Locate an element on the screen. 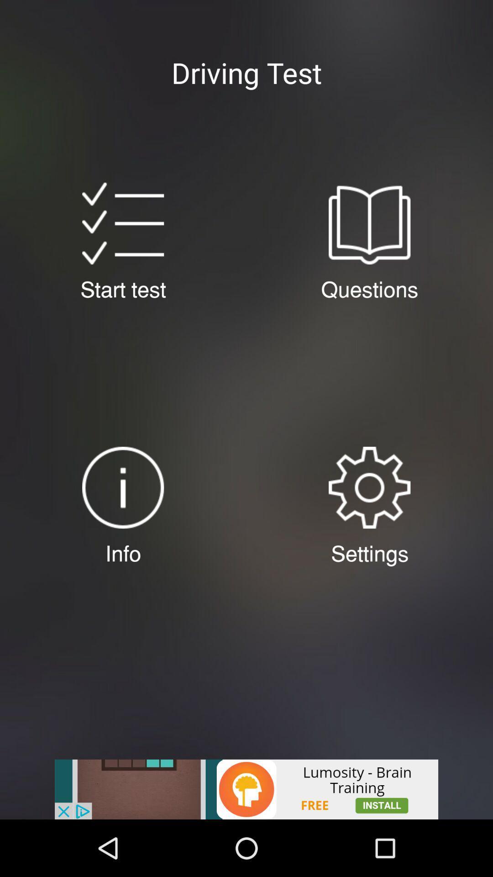  start test is located at coordinates (122, 223).